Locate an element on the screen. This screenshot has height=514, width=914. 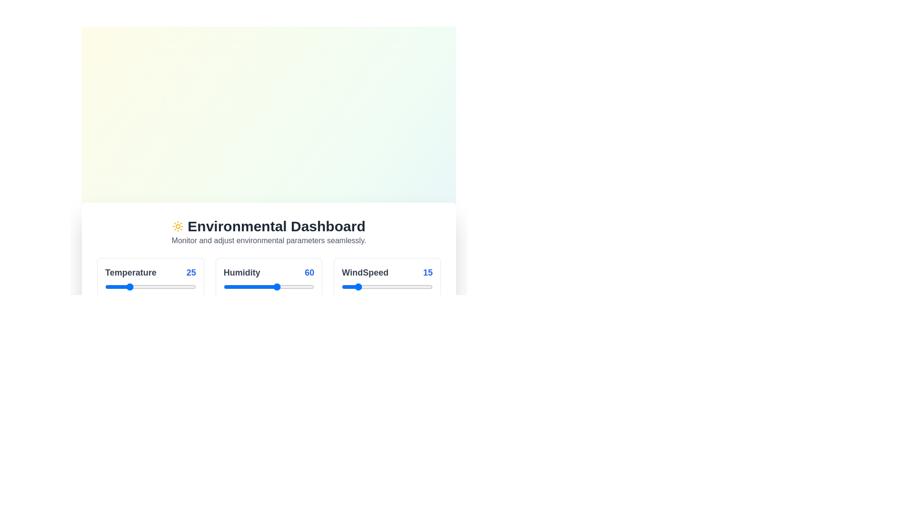
the Humidity slider is located at coordinates (231, 286).